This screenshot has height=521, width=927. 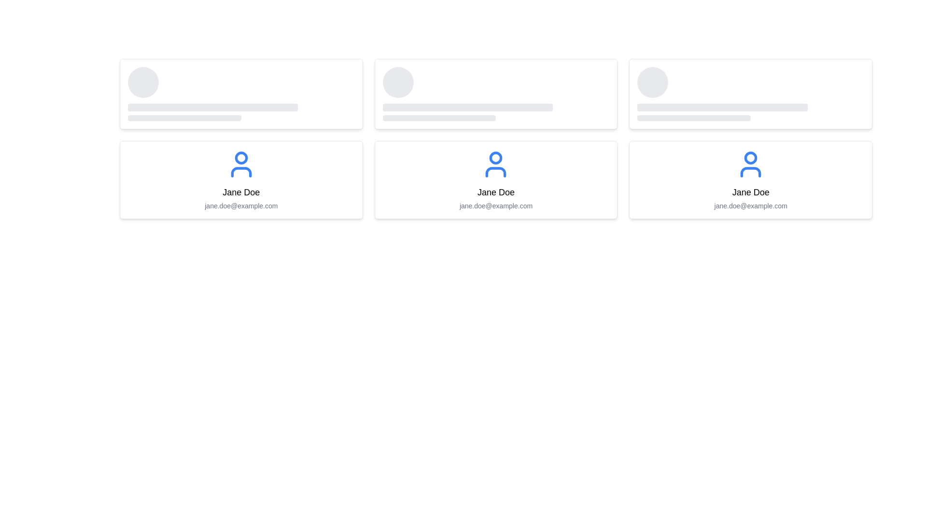 What do you see at coordinates (241, 157) in the screenshot?
I see `the decorative circle element of the blue user icon located in the center card of the lower row` at bounding box center [241, 157].